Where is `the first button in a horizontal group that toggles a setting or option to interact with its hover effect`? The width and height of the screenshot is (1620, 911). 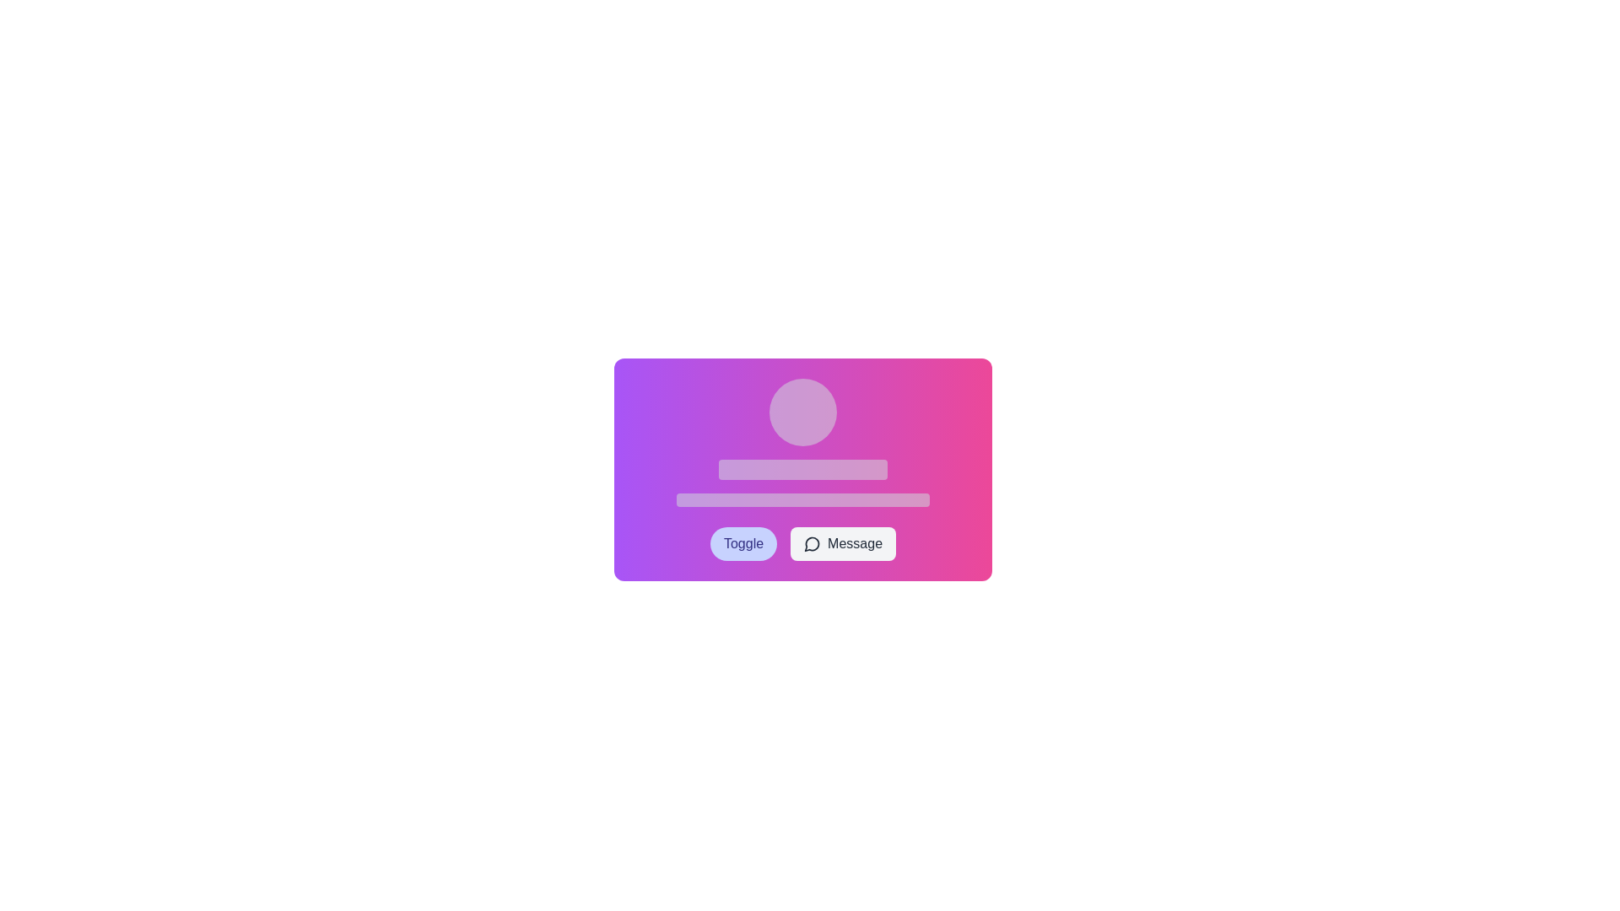
the first button in a horizontal group that toggles a setting or option to interact with its hover effect is located at coordinates (742, 543).